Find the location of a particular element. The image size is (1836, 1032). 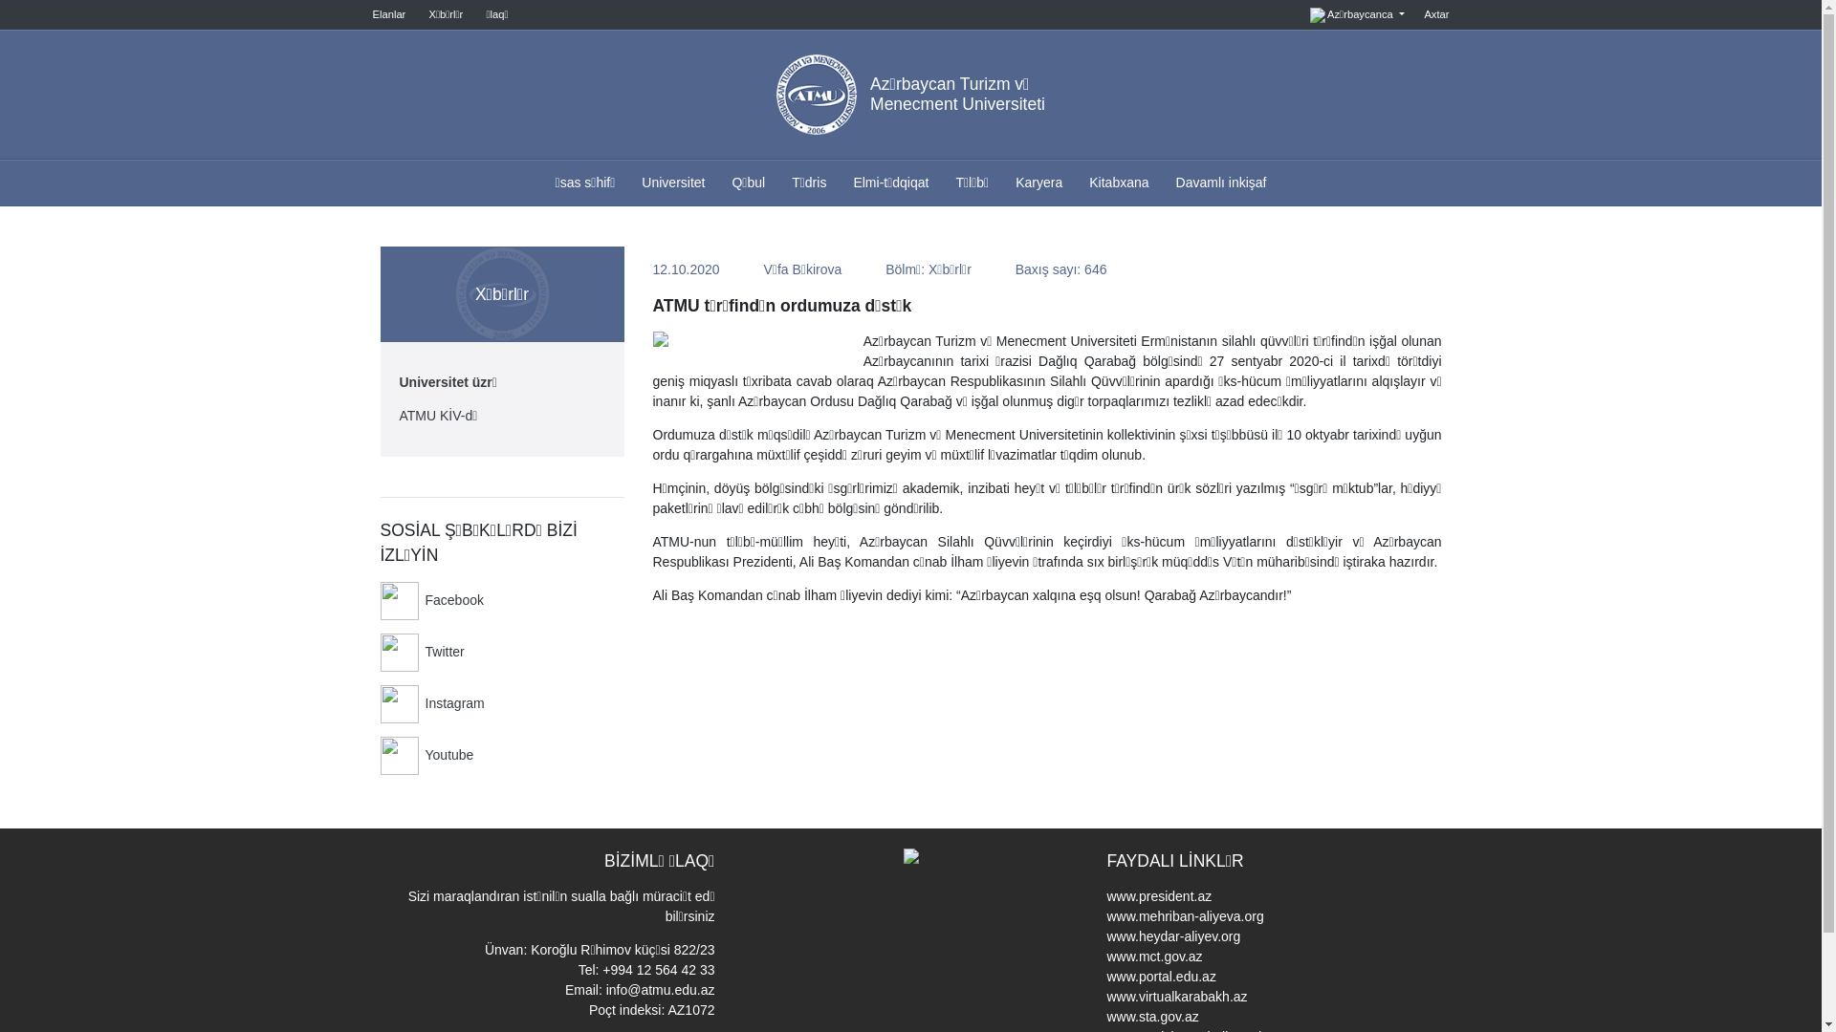

'www.virtualkarabakh.az' is located at coordinates (1176, 995).